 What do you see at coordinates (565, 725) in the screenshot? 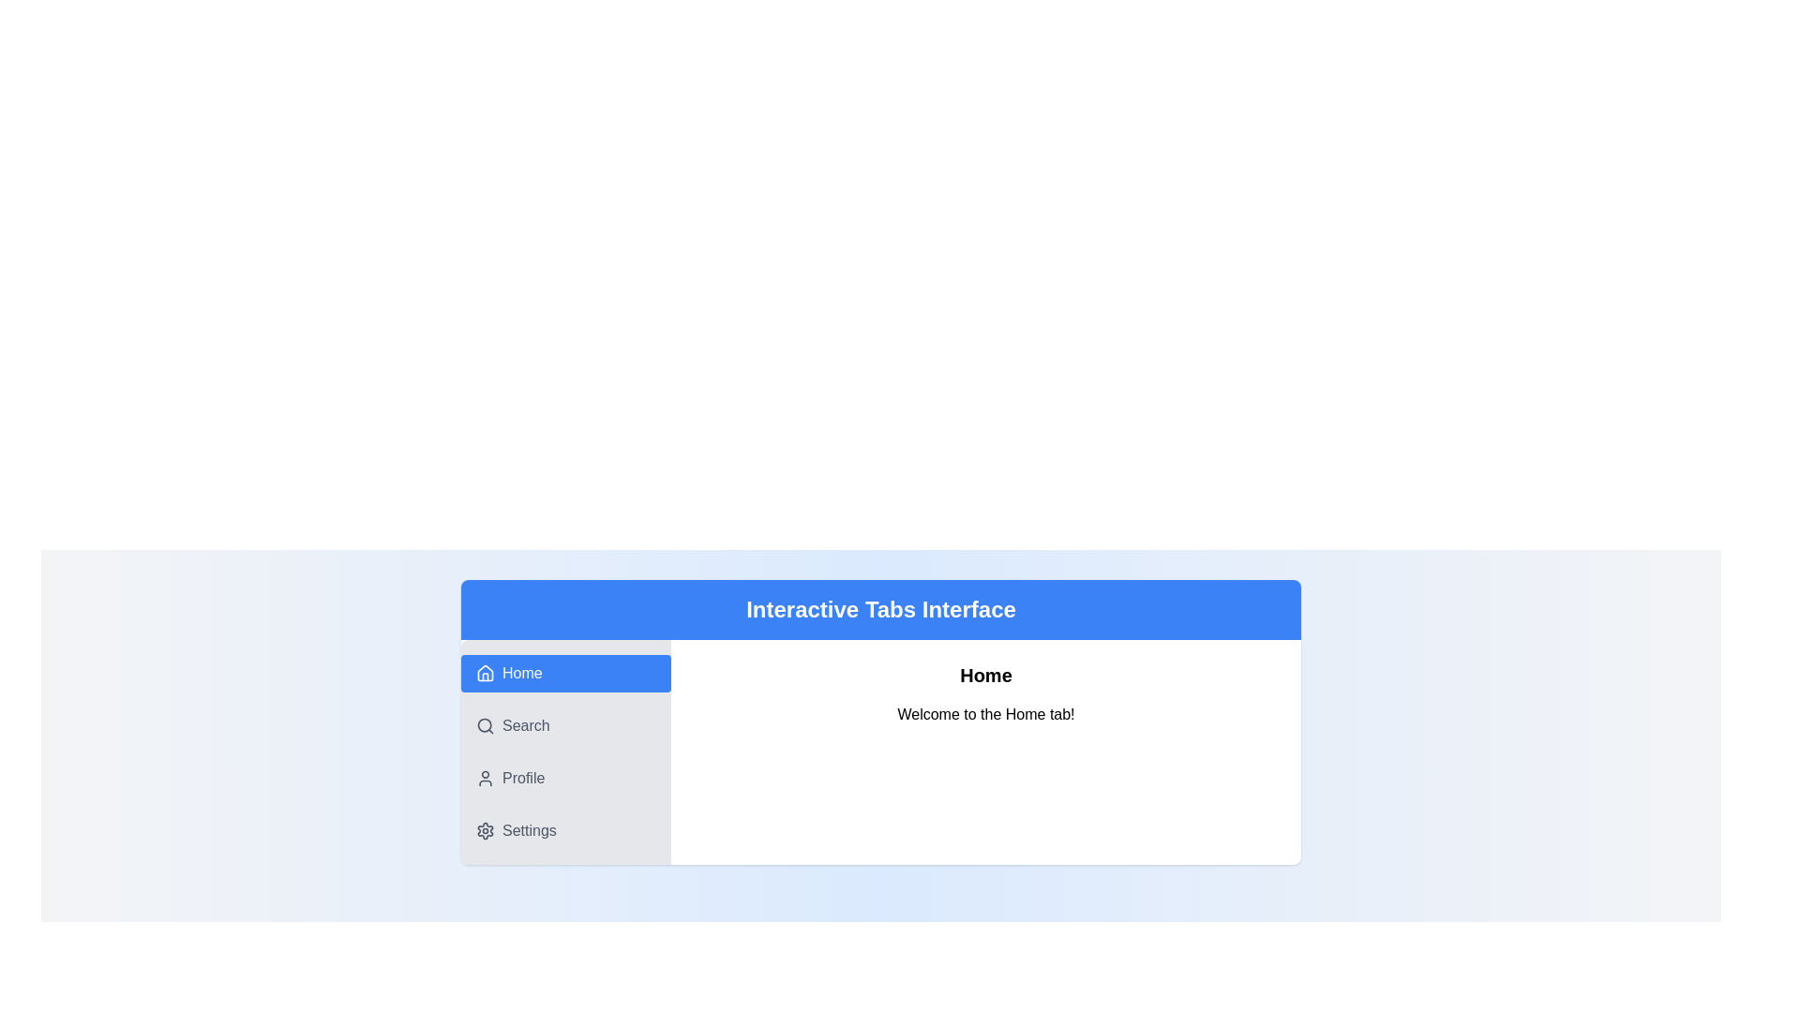
I see `the Search tab by clicking on its corresponding tab element` at bounding box center [565, 725].